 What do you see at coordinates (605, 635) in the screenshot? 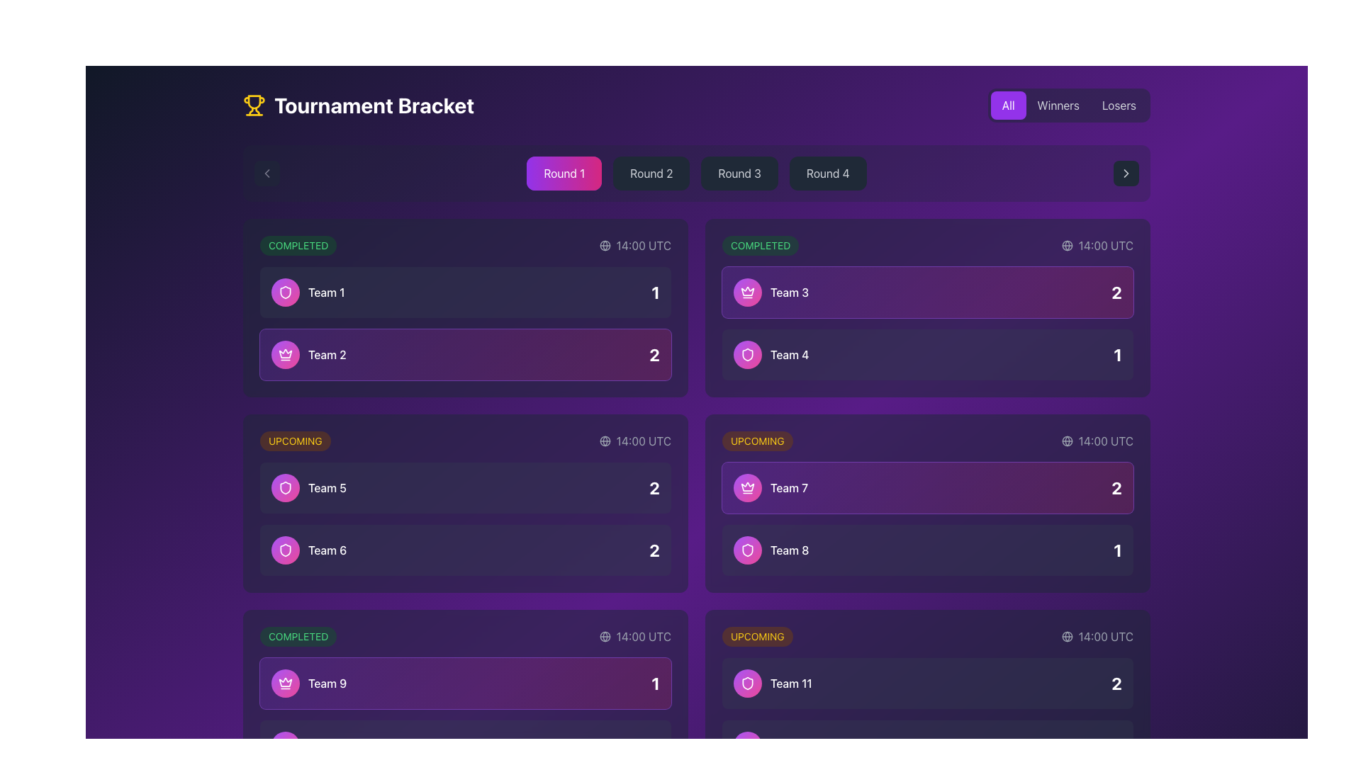
I see `the globe icon element that is part of a circular icon located to the left of the time label reading '14:00 UTC', which is associated with the score board for a match involving 'Team 9'` at bounding box center [605, 635].